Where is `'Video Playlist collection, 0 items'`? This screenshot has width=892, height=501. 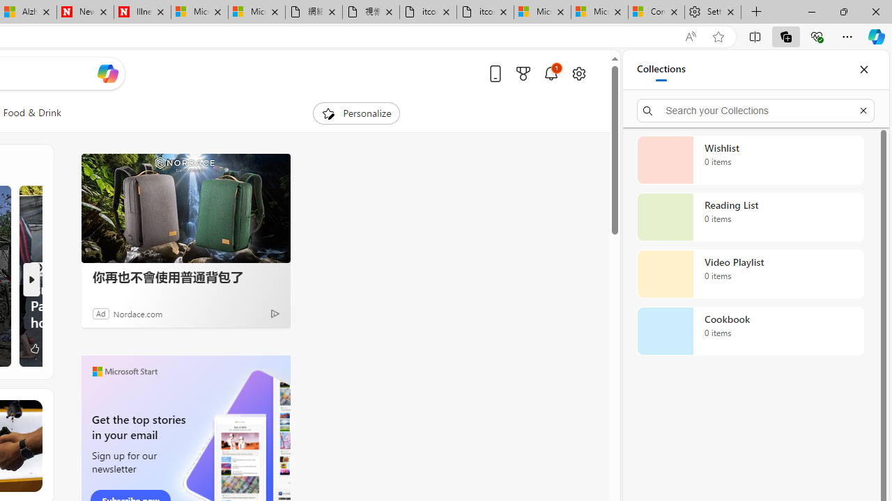
'Video Playlist collection, 0 items' is located at coordinates (750, 274).